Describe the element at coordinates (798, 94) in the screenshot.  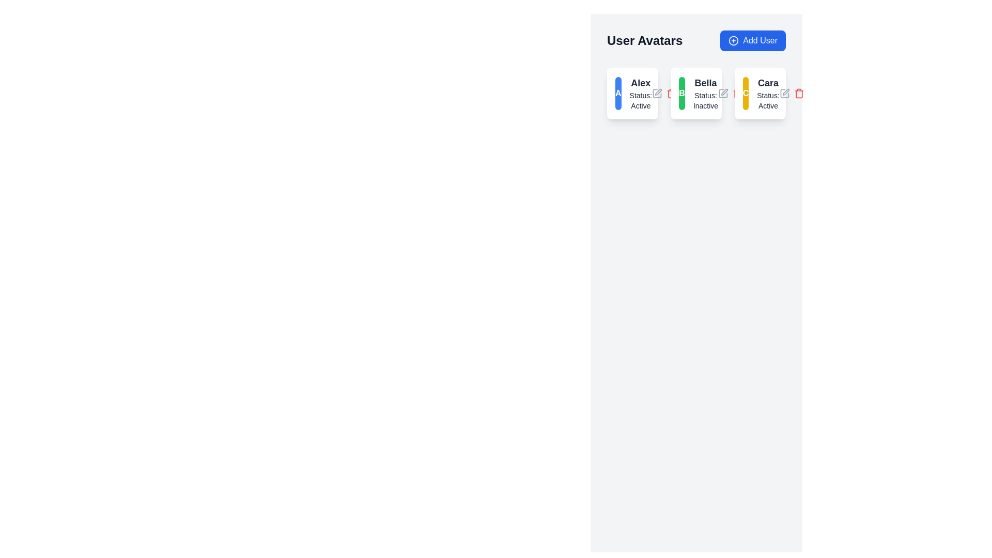
I see `the delete icon button located in the top-right corner of the card labeled 'Cara' under 'User Avatars'` at that location.